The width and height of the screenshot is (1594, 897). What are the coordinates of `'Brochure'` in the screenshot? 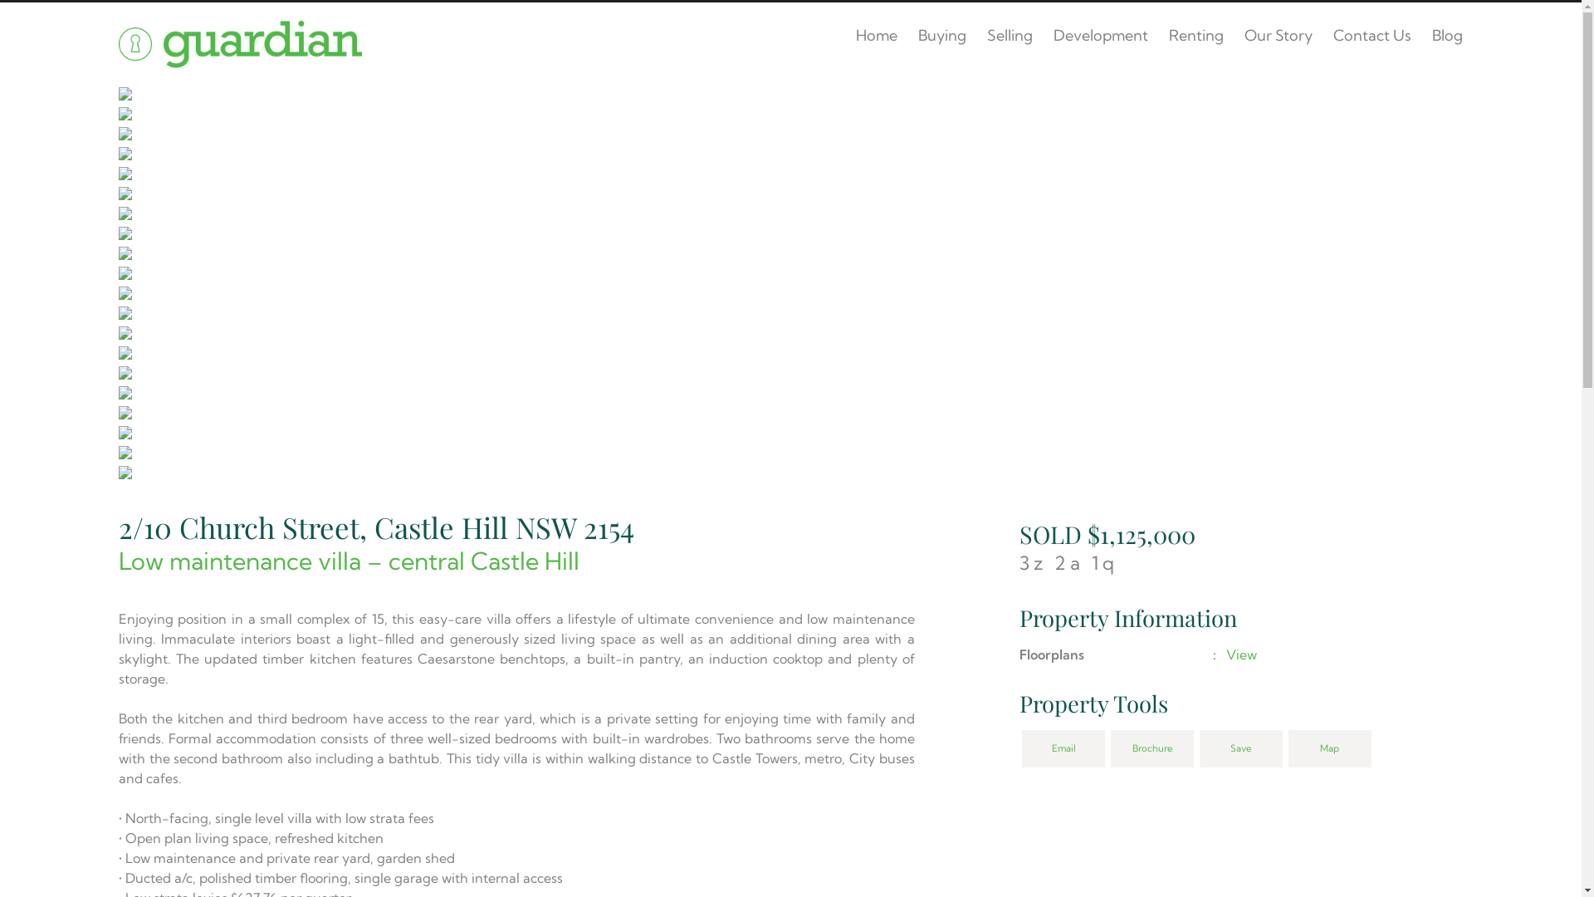 It's located at (1151, 748).